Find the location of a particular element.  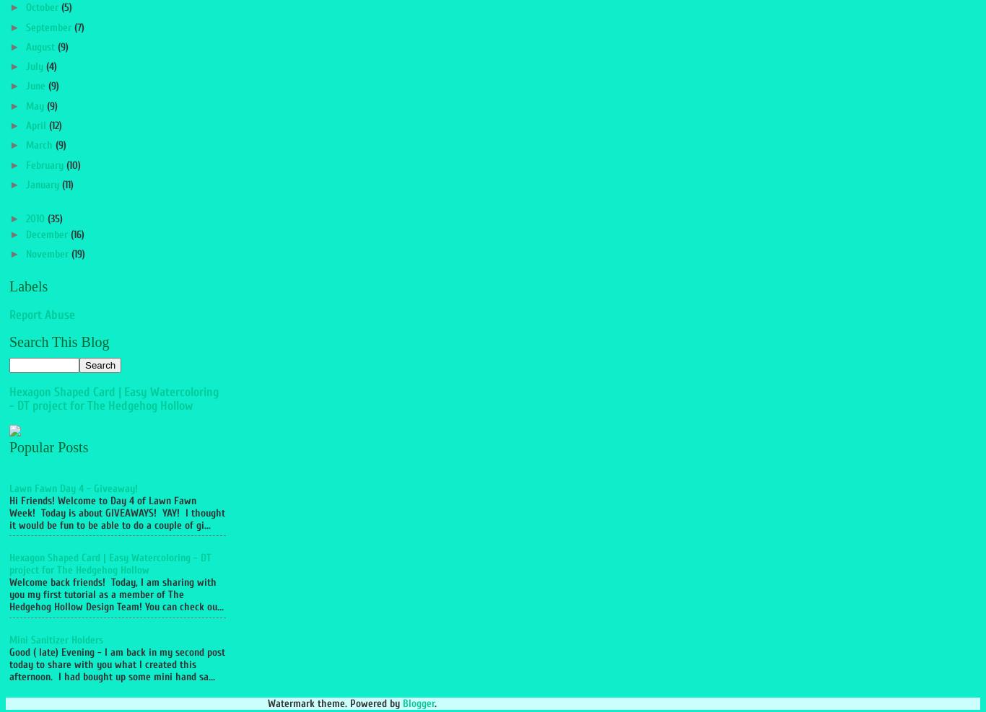

'March' is located at coordinates (40, 144).